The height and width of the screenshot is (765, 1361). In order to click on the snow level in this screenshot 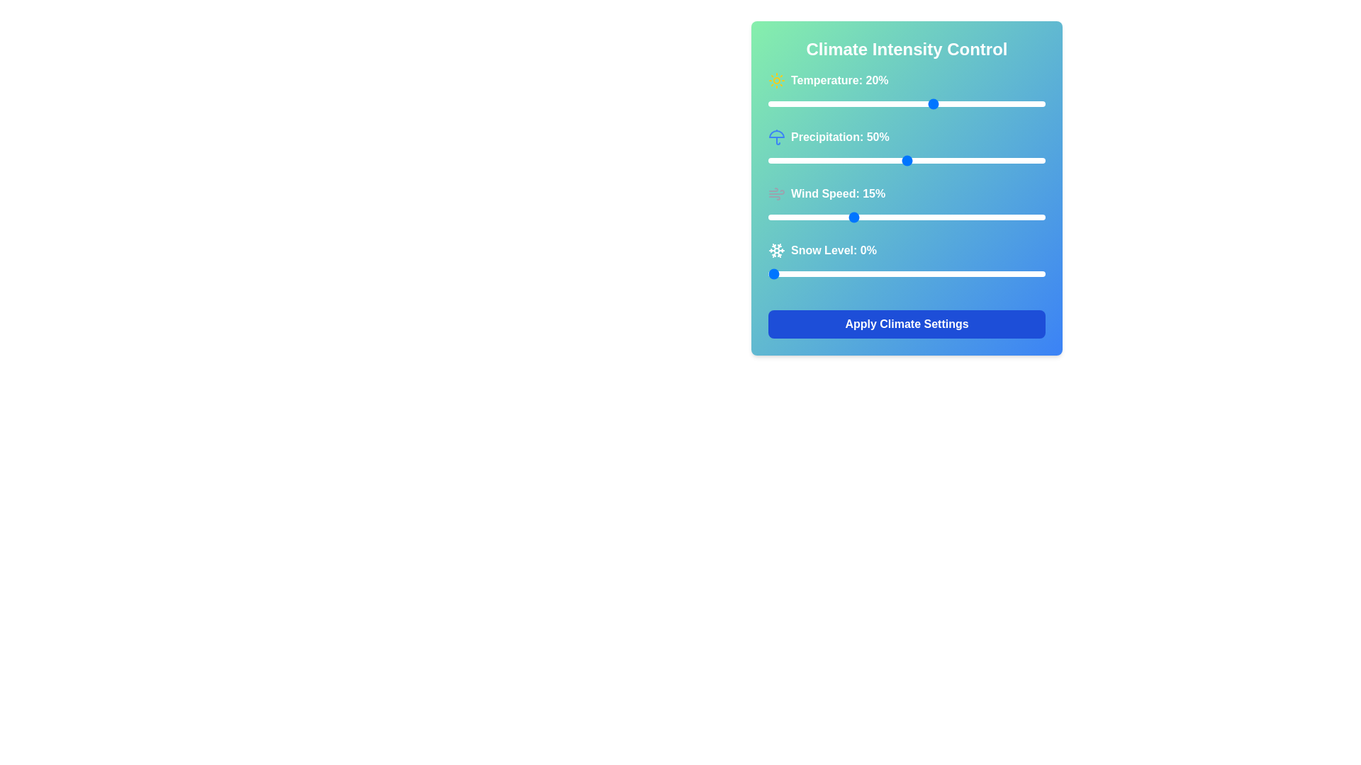, I will do `click(964, 273)`.